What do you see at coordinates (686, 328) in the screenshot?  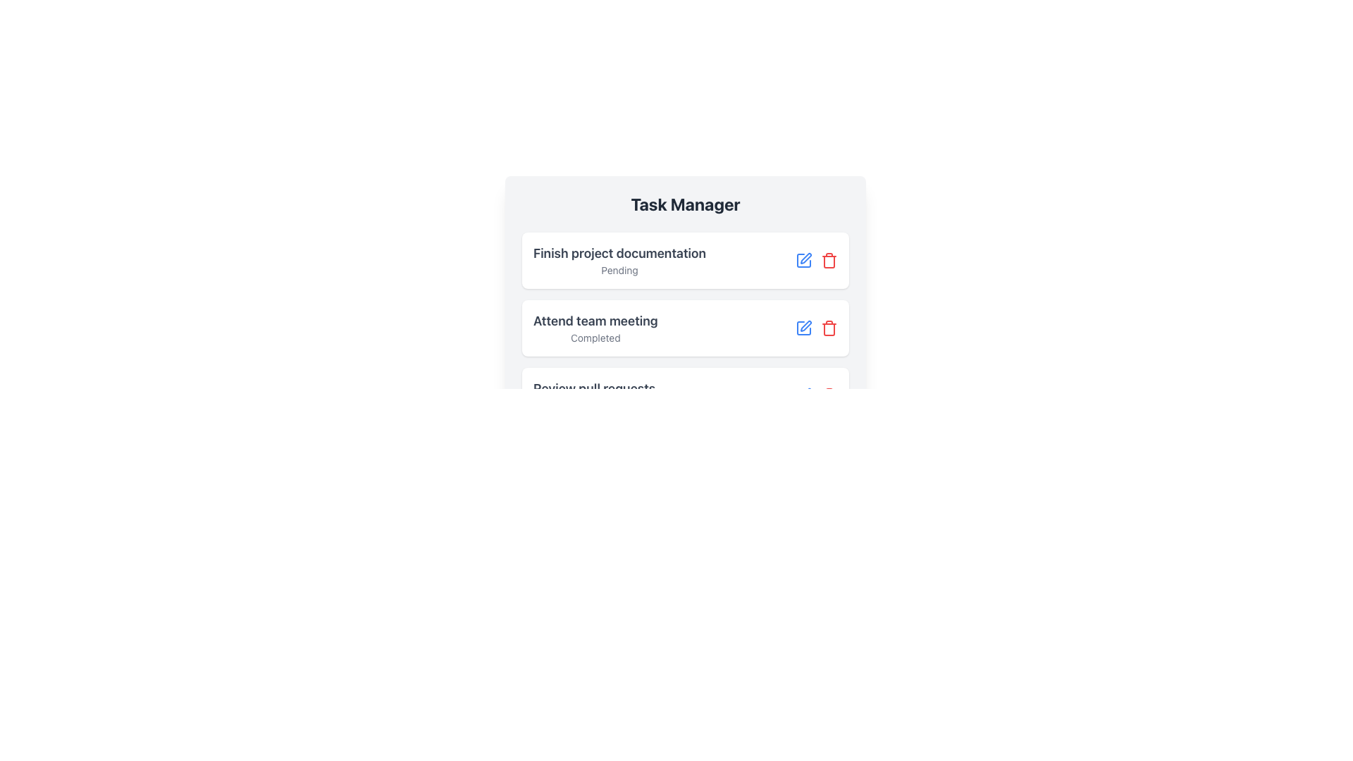 I see `the task title in the second task card of the Task Manager` at bounding box center [686, 328].